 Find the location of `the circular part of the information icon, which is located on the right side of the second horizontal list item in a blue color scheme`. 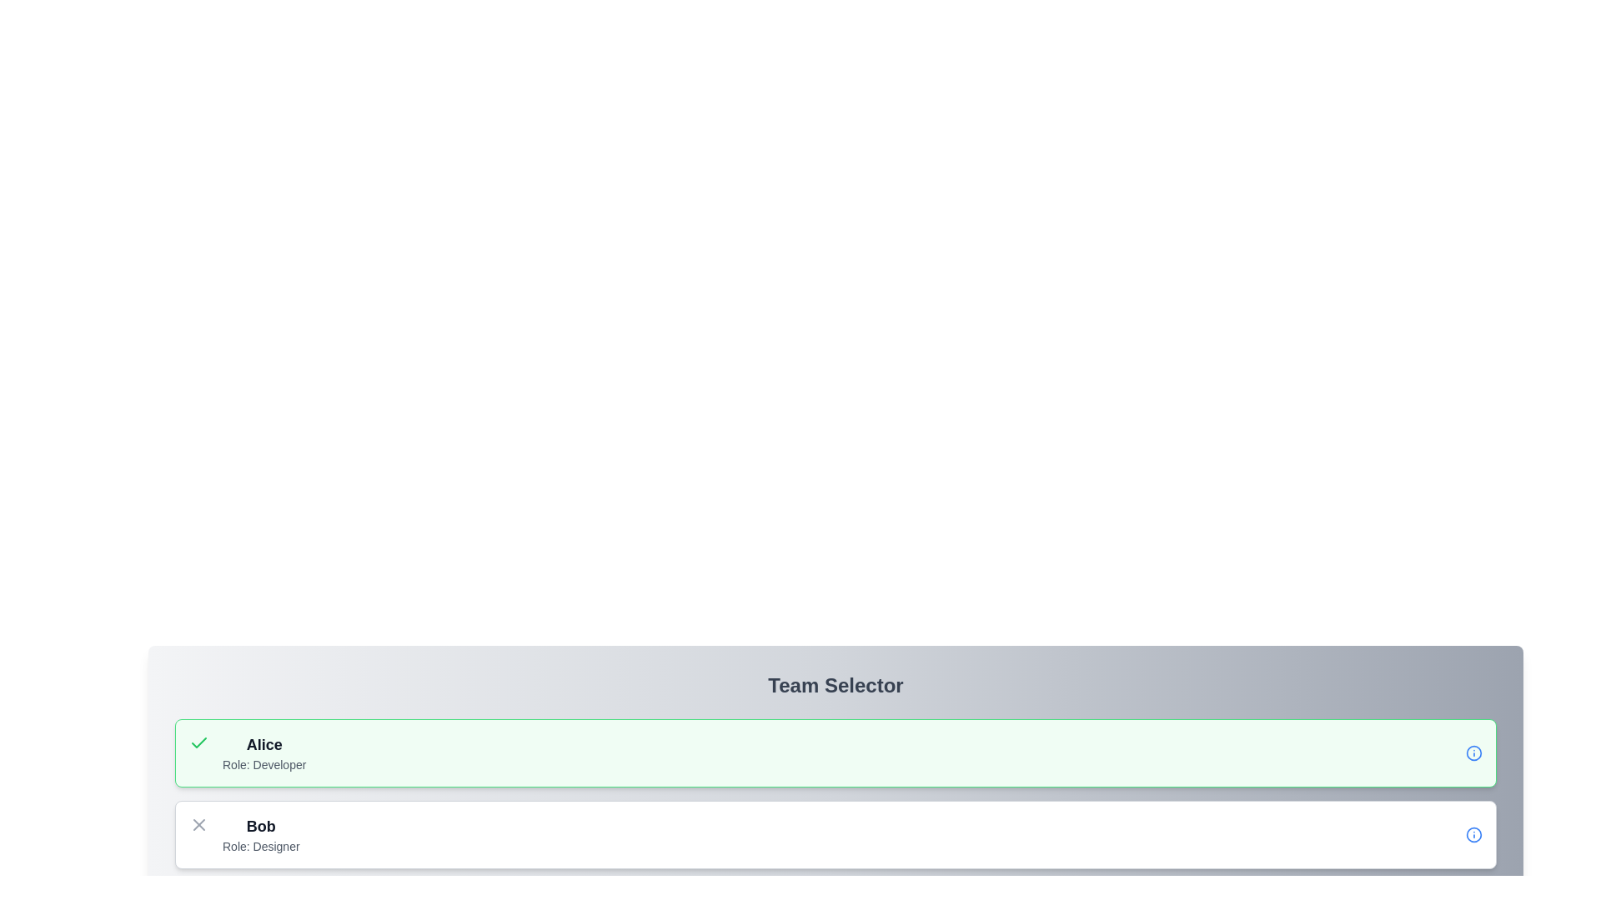

the circular part of the information icon, which is located on the right side of the second horizontal list item in a blue color scheme is located at coordinates (1473, 752).